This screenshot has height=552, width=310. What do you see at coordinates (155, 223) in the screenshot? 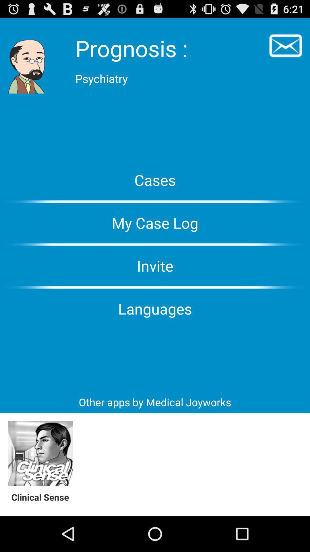
I see `my case log button` at bounding box center [155, 223].